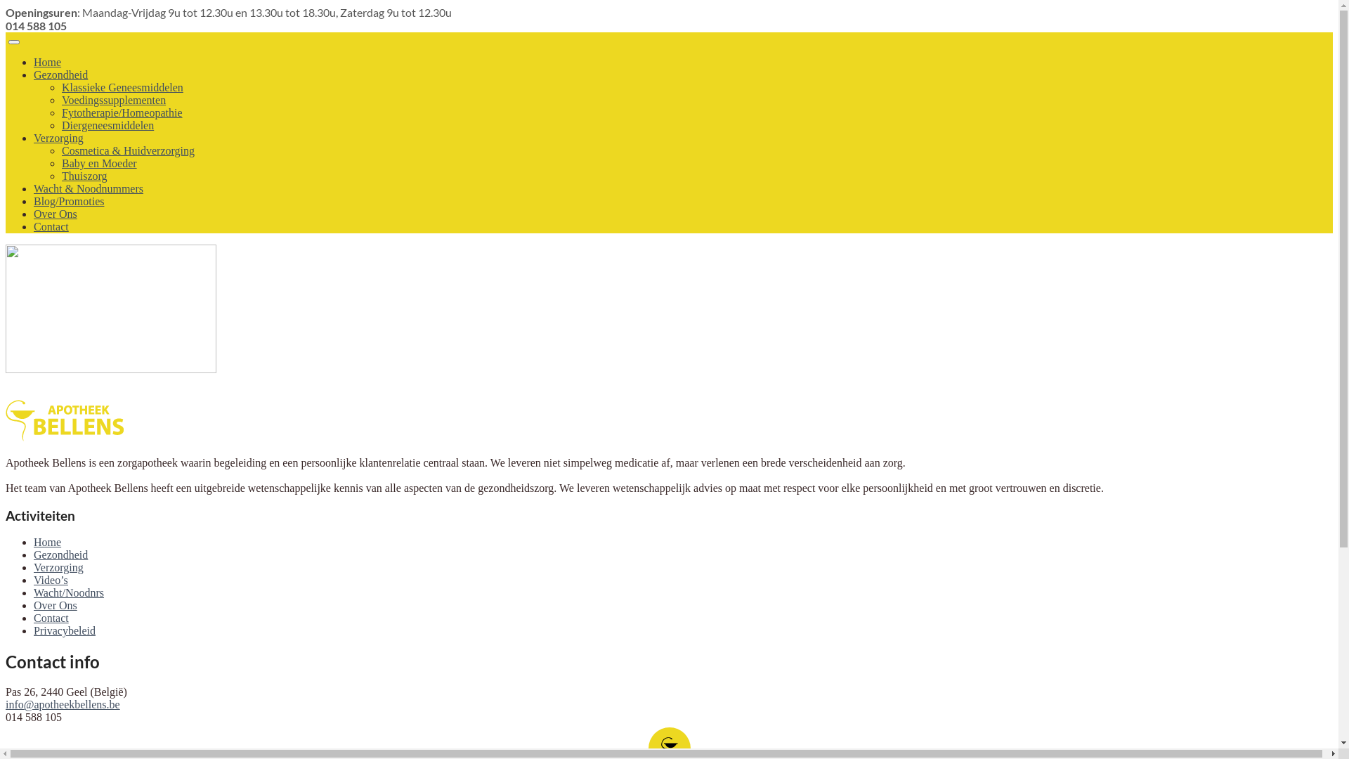 The height and width of the screenshot is (759, 1349). I want to click on 'Wacht & Noodnummers', so click(87, 188).